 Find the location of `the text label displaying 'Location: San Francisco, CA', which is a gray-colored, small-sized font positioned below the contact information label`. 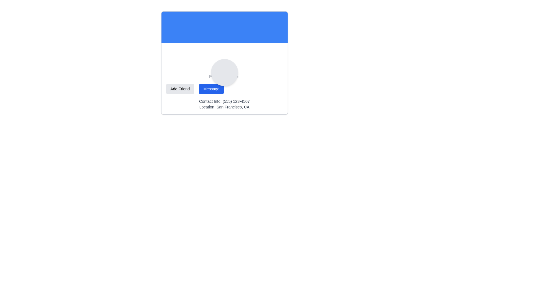

the text label displaying 'Location: San Francisco, CA', which is a gray-colored, small-sized font positioned below the contact information label is located at coordinates (224, 107).